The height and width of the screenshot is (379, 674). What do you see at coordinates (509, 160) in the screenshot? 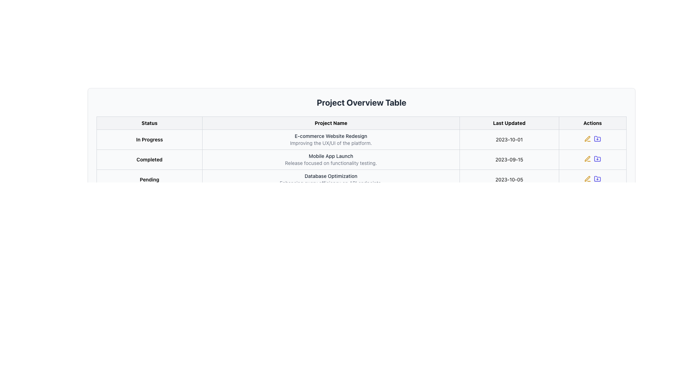
I see `the Text Display Field showing the date '2023-09-15' in the third row of the table under the 'Last Updated' column` at bounding box center [509, 160].